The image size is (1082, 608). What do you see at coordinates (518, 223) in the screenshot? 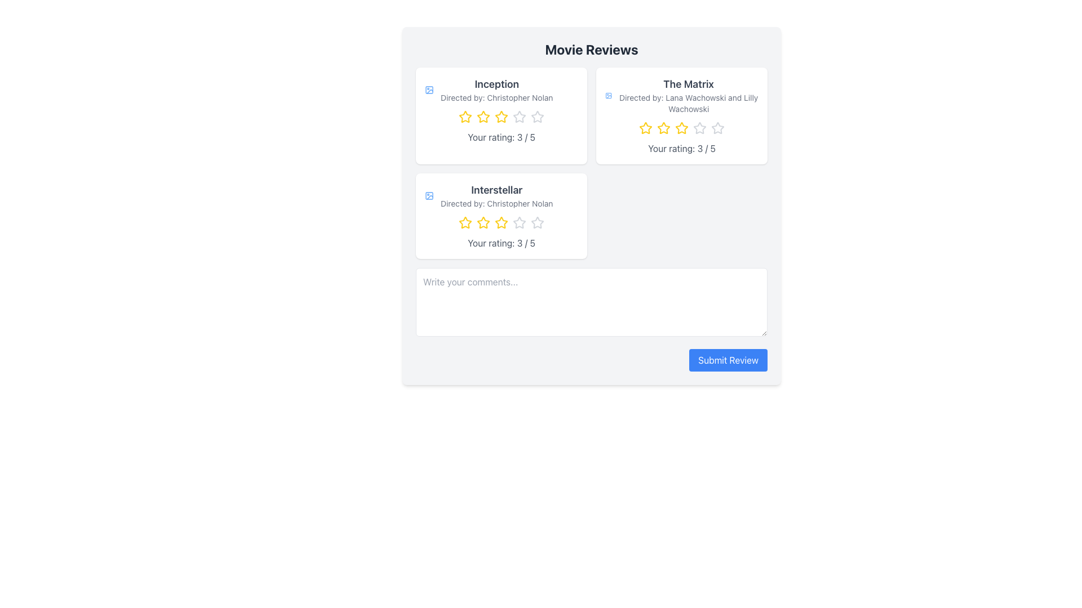
I see `the fifth grayish star icon` at bounding box center [518, 223].